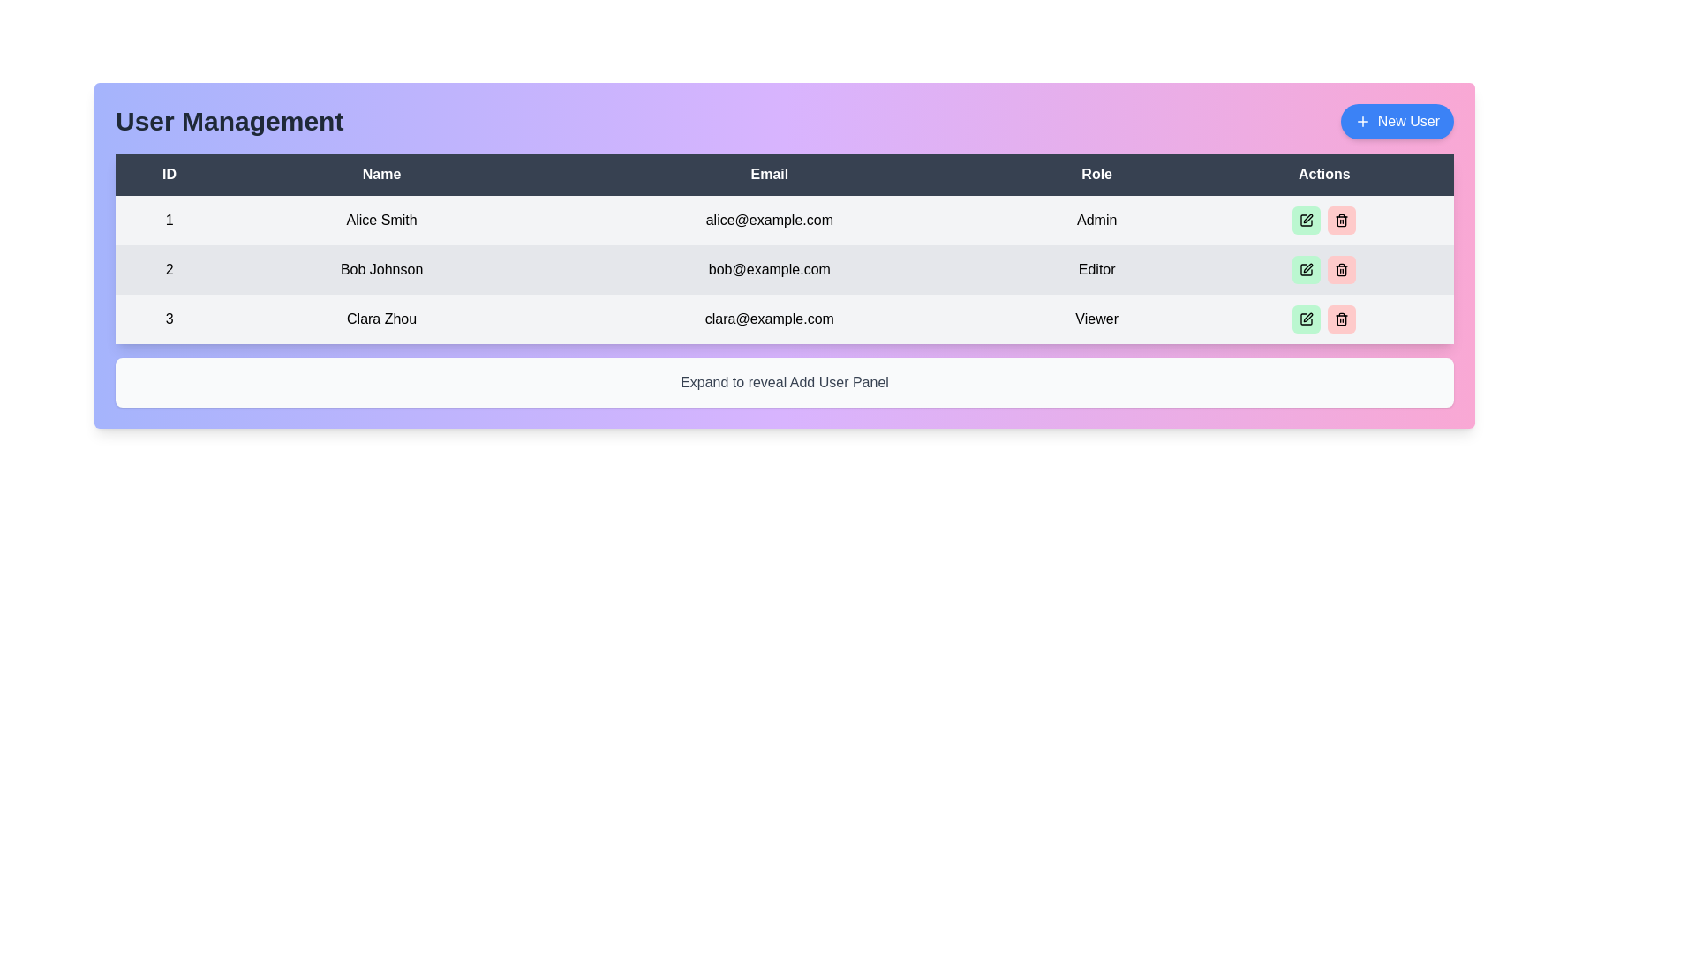  I want to click on the first icon button in the Actions column of the Admin user row to initiate the action for modification or editing, so click(1306, 220).